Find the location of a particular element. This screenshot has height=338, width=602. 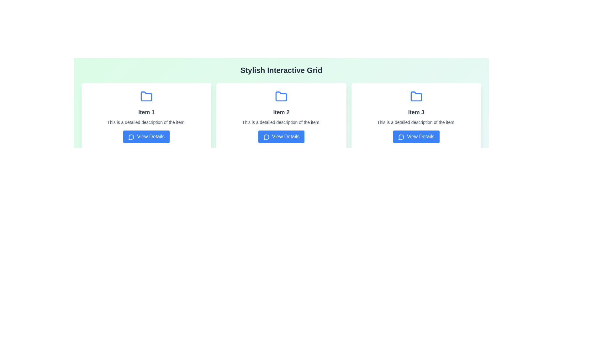

the 'View Details' button with a blue background and white text, located at the bottom center of the second card titled 'Item 2' is located at coordinates (281, 136).